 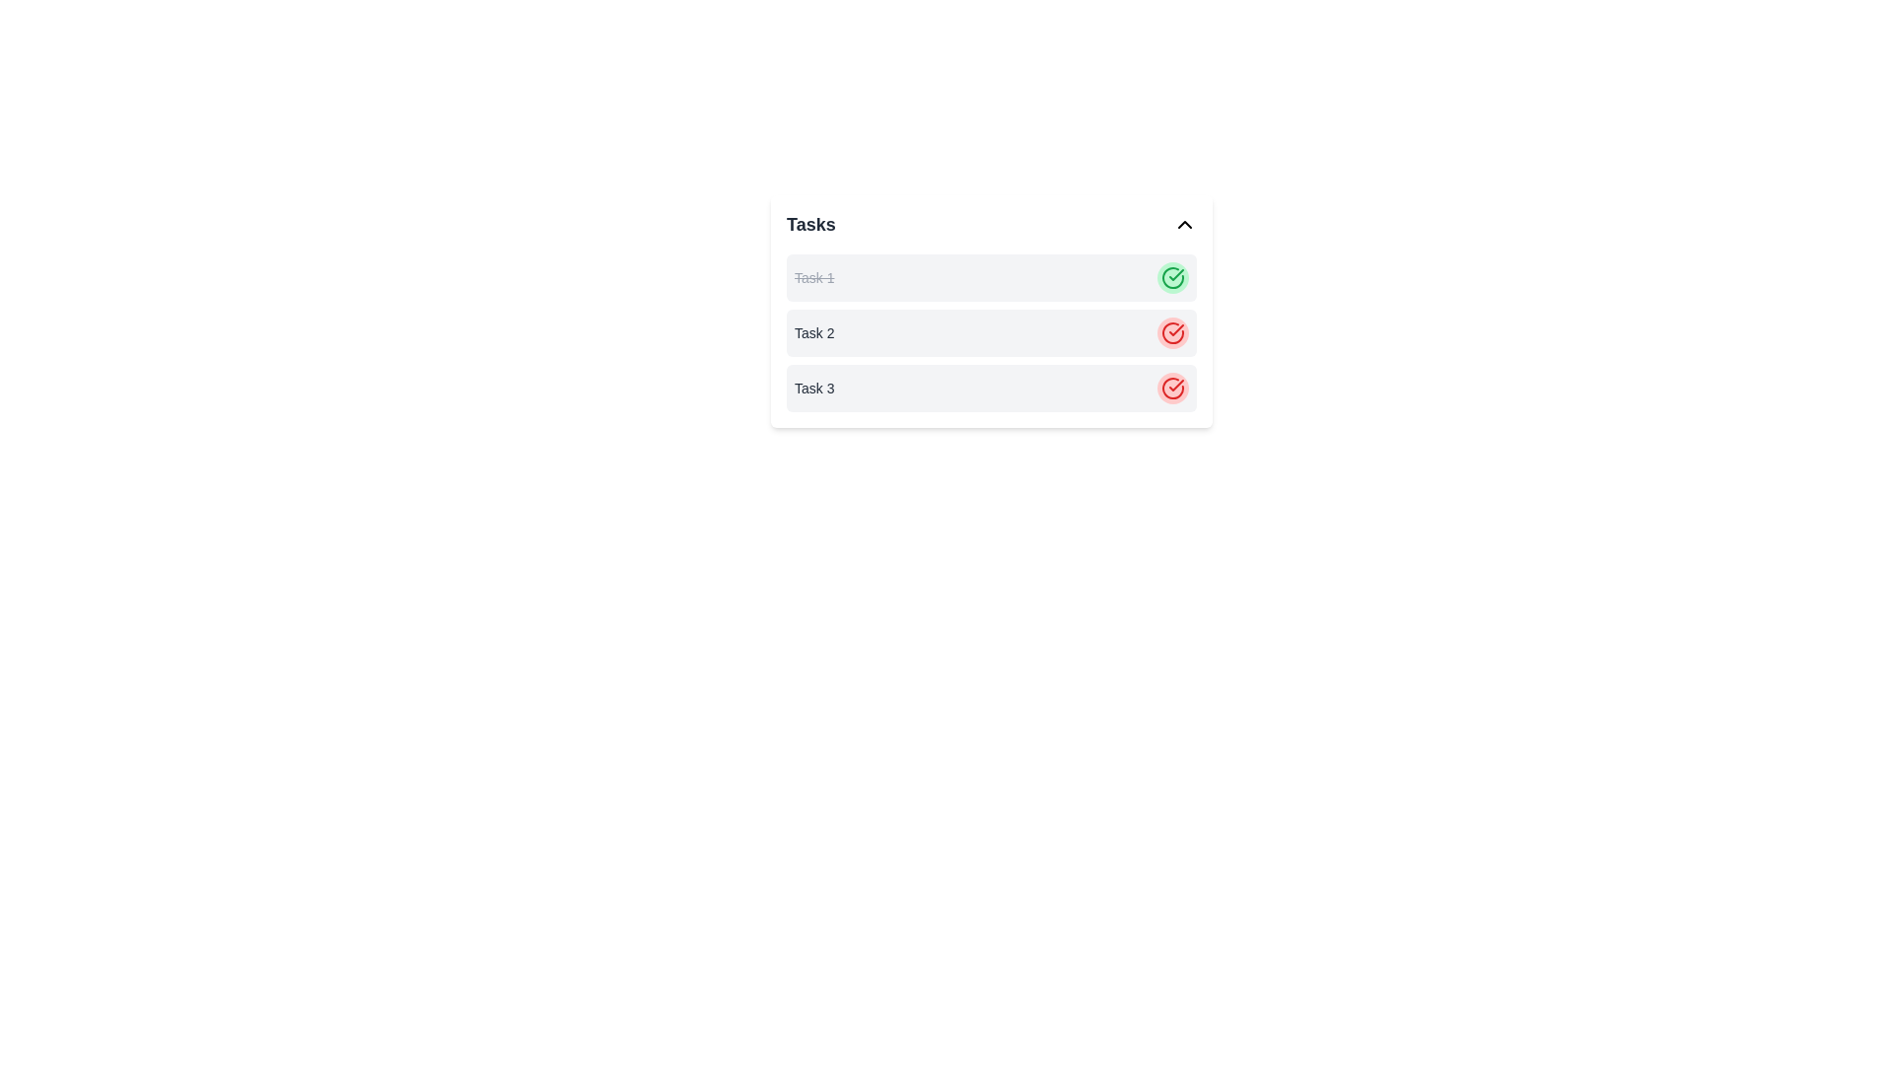 I want to click on the circular red checkmark icon located next to the second task in the task management interface, so click(x=1173, y=332).